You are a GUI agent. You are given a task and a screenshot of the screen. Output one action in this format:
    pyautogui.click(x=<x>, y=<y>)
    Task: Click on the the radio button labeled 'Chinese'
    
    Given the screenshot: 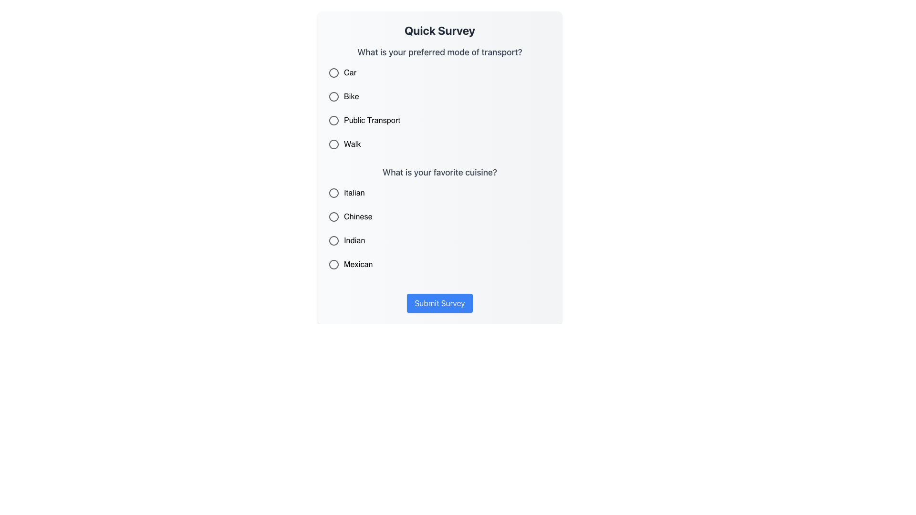 What is the action you would take?
    pyautogui.click(x=334, y=217)
    